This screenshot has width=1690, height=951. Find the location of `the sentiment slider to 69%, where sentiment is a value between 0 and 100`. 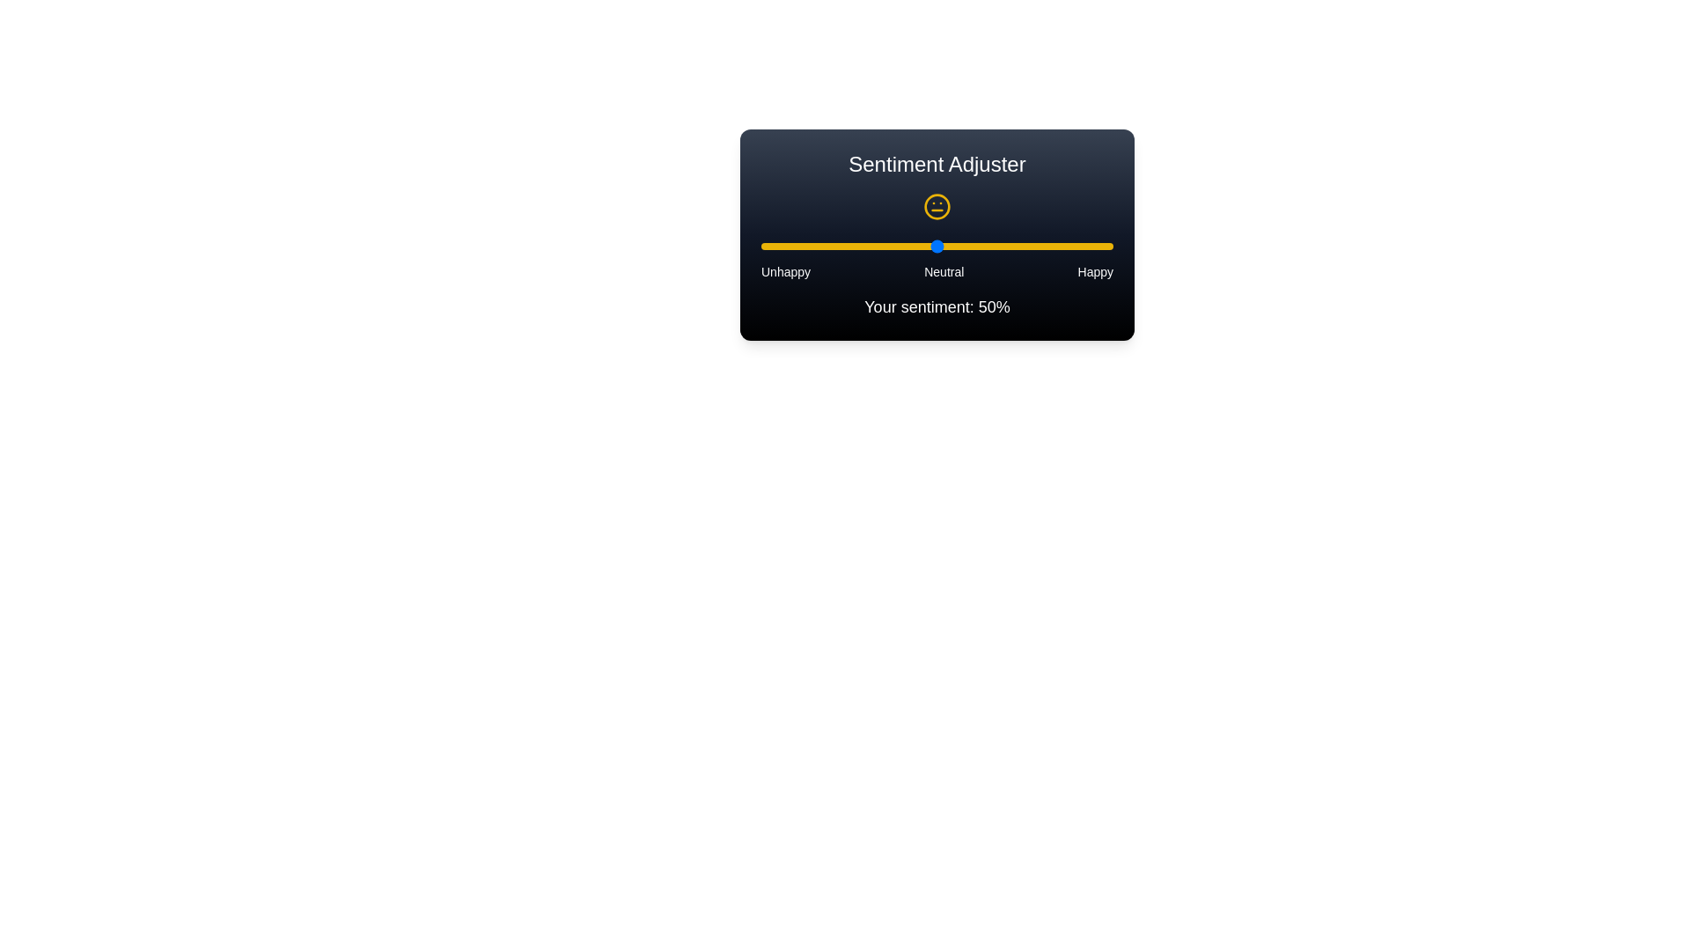

the sentiment slider to 69%, where sentiment is a value between 0 and 100 is located at coordinates (1004, 247).